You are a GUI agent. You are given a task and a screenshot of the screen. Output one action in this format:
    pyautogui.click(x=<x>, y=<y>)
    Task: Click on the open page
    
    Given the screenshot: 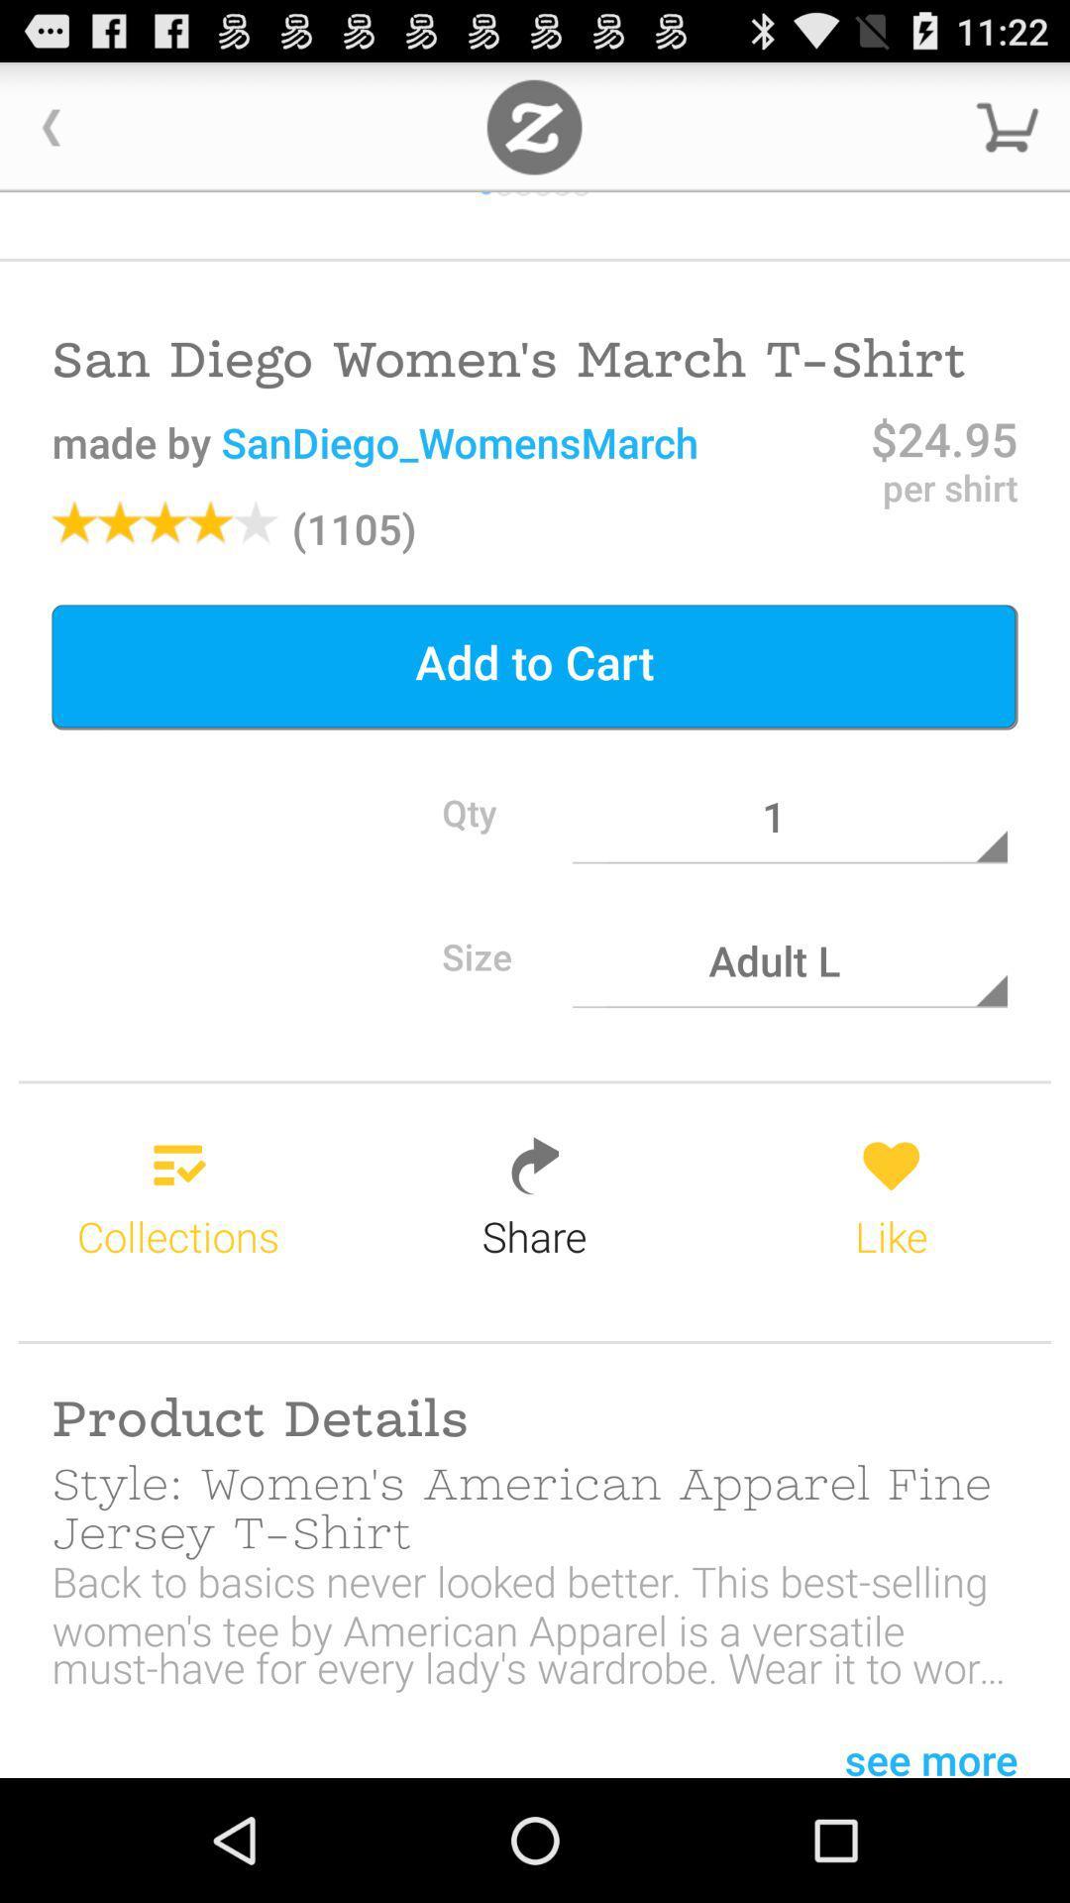 What is the action you would take?
    pyautogui.click(x=533, y=126)
    